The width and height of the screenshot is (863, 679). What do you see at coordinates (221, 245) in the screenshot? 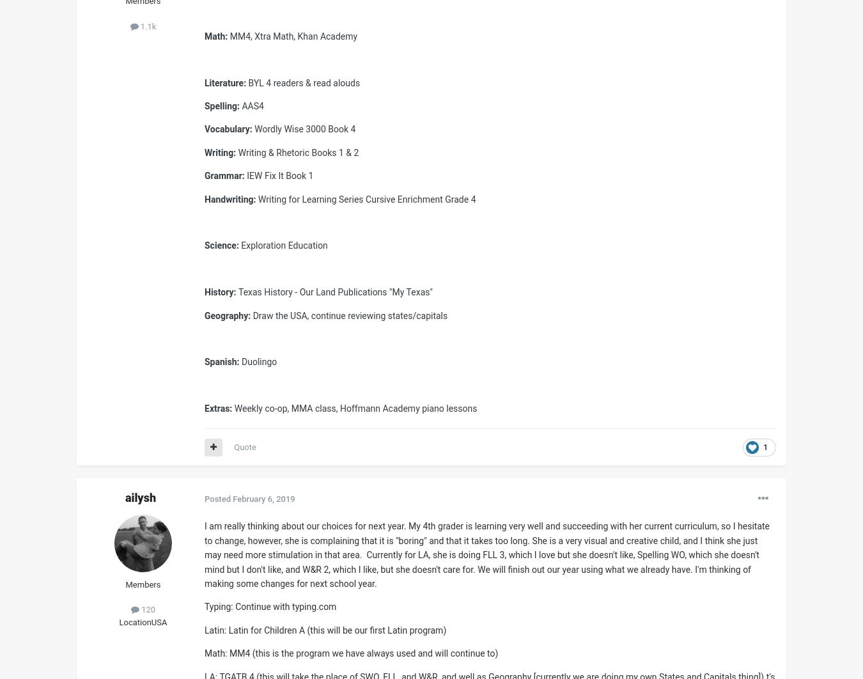
I see `'Science:'` at bounding box center [221, 245].